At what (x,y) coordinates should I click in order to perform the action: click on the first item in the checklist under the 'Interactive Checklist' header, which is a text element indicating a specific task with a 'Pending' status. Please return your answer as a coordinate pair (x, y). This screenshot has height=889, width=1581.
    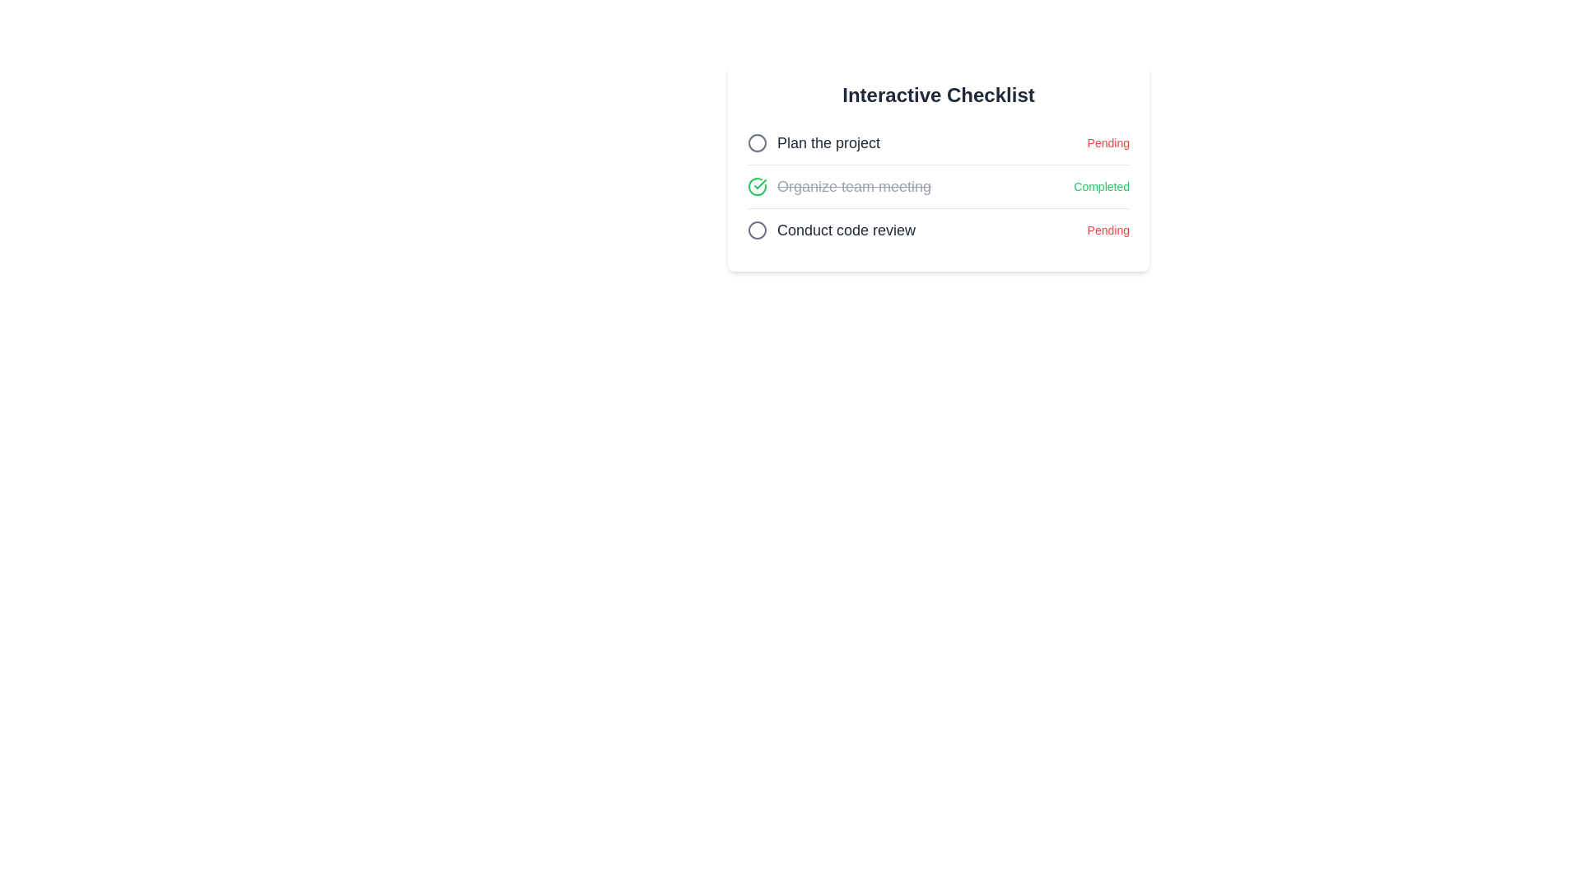
    Looking at the image, I should click on (828, 142).